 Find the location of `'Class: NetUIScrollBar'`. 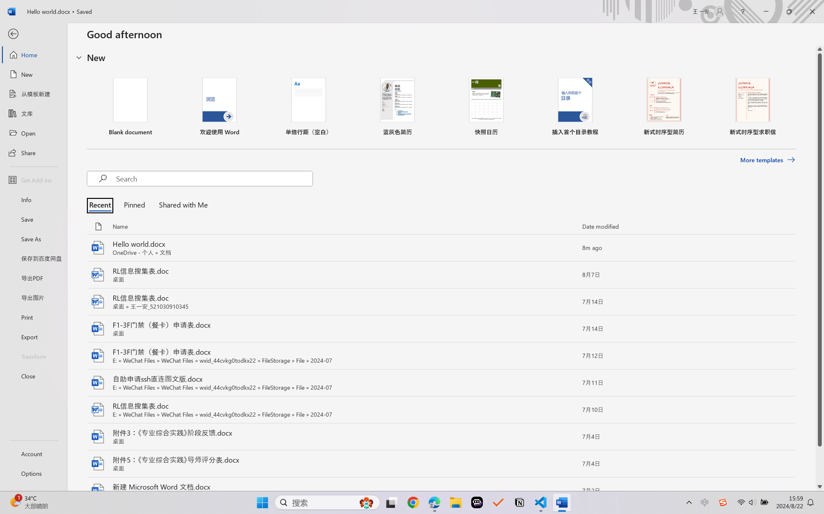

'Class: NetUIScrollBar' is located at coordinates (820, 268).